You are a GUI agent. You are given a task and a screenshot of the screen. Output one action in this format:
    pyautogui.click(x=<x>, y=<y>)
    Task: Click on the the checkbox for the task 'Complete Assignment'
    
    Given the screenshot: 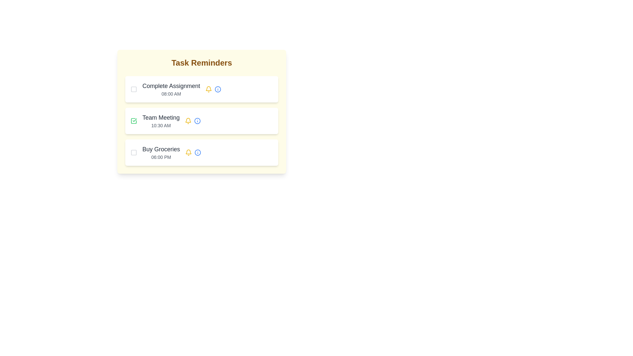 What is the action you would take?
    pyautogui.click(x=134, y=89)
    